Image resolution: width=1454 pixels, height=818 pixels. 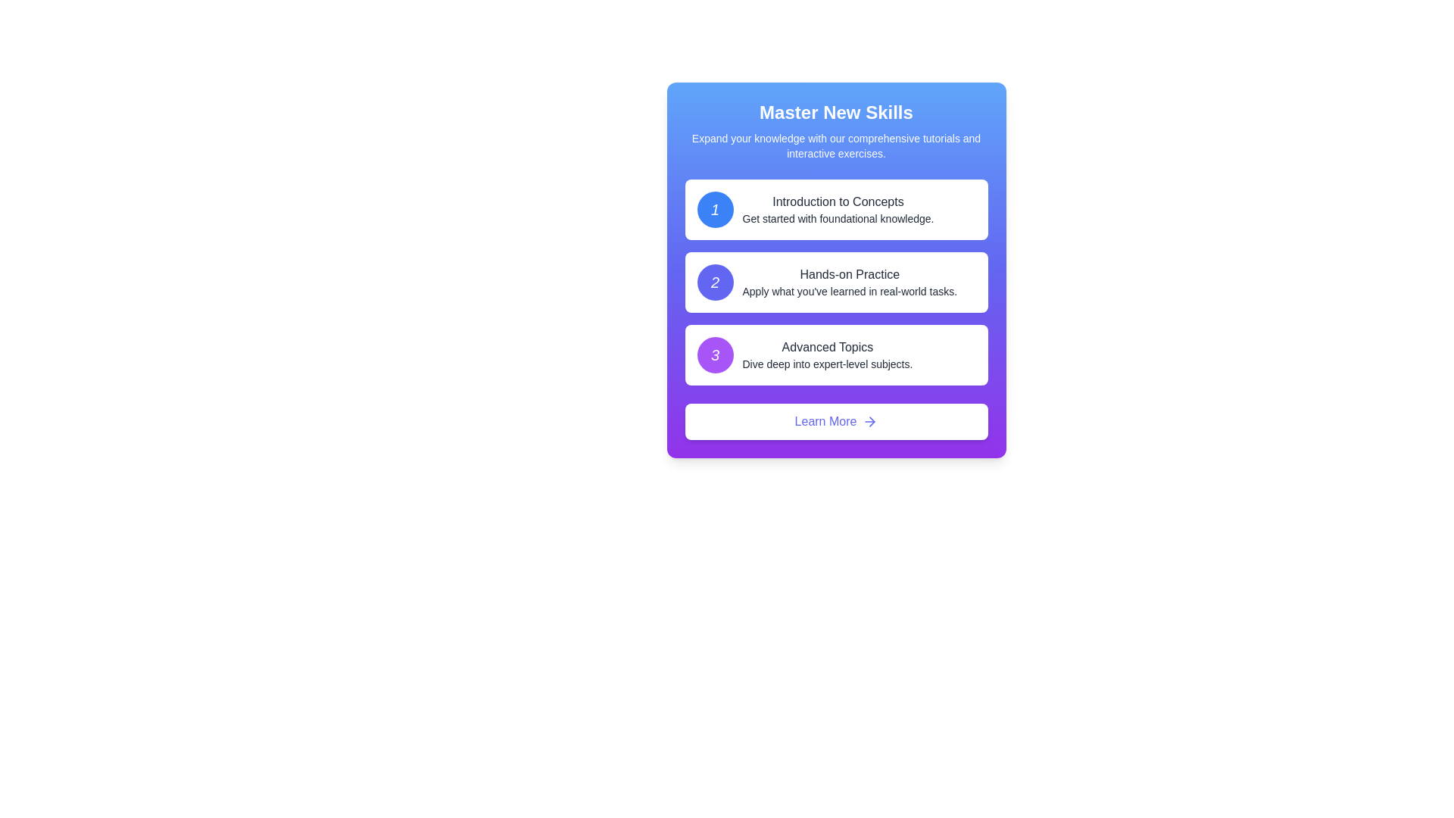 I want to click on the text display element labeled 'Introduction to Concepts', which is the first element in a vertically stacked list inside a panel with a blue gradient header, so click(x=837, y=210).